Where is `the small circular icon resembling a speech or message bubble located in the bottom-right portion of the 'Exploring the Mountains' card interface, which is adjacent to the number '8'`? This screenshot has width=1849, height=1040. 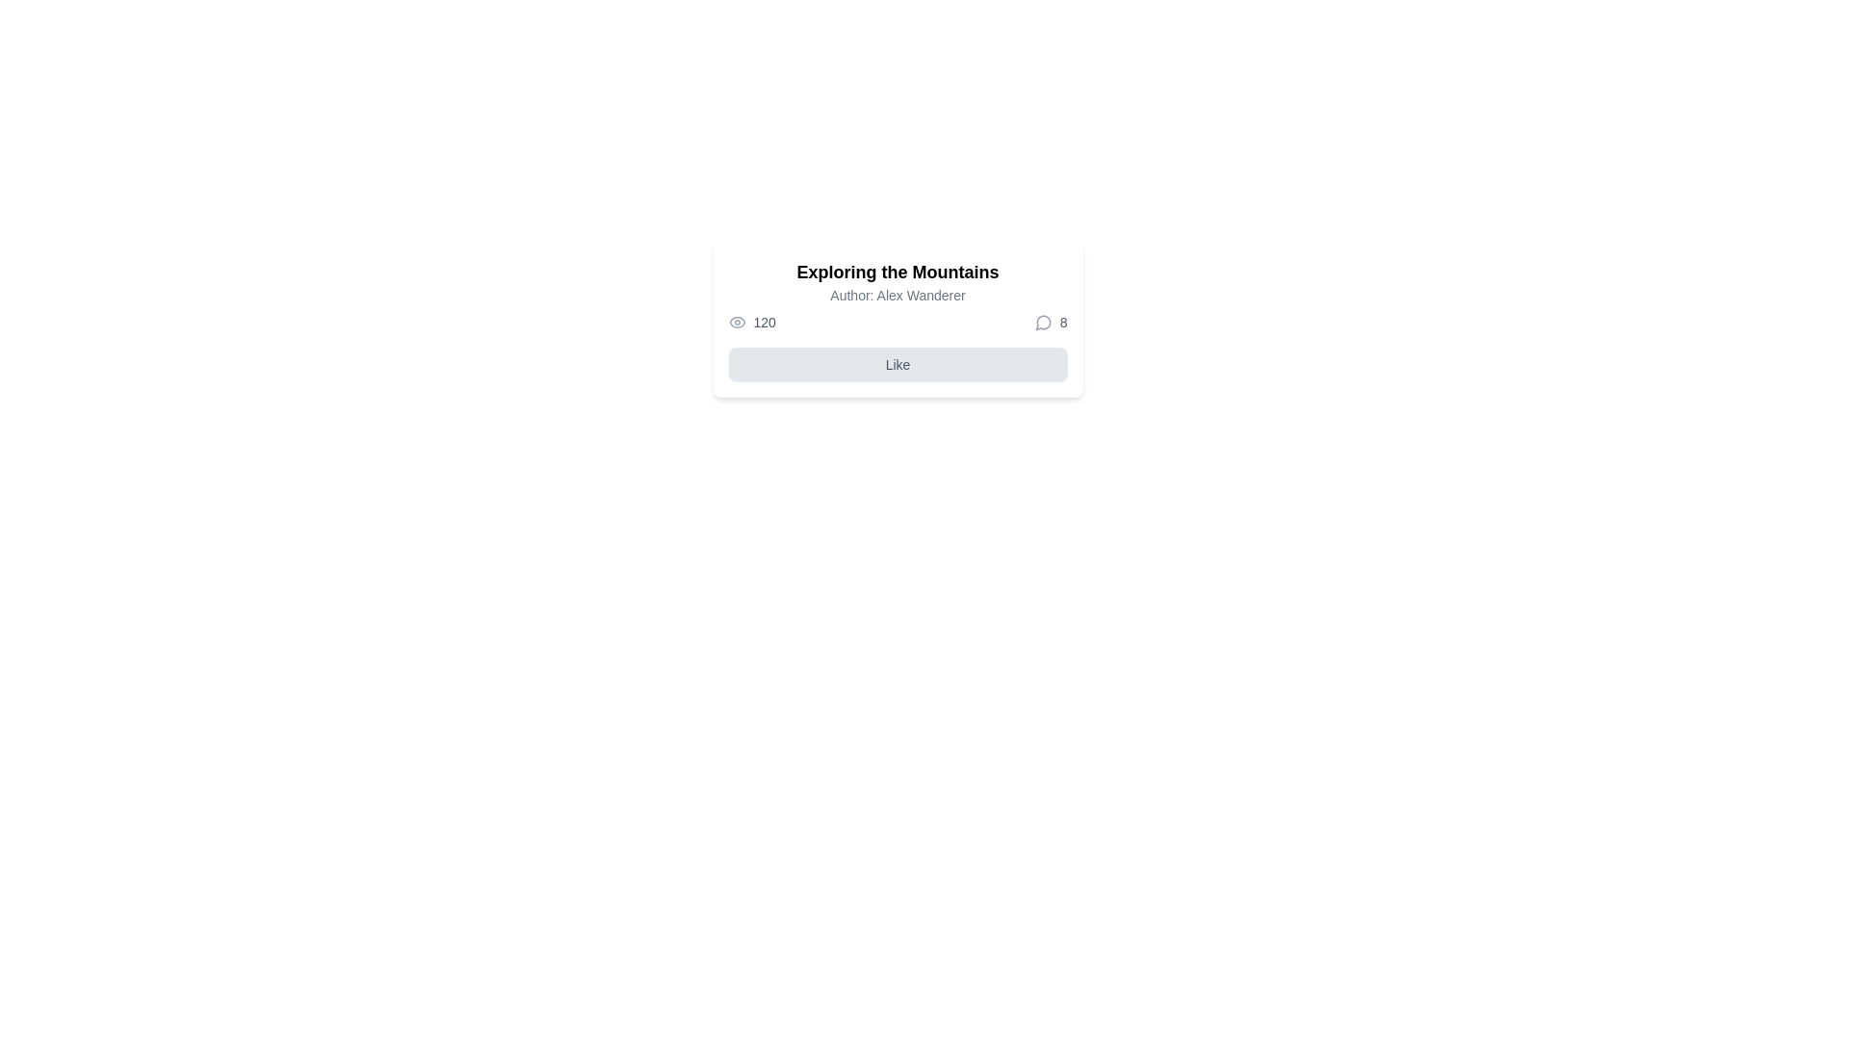 the small circular icon resembling a speech or message bubble located in the bottom-right portion of the 'Exploring the Mountains' card interface, which is adjacent to the number '8' is located at coordinates (1042, 322).